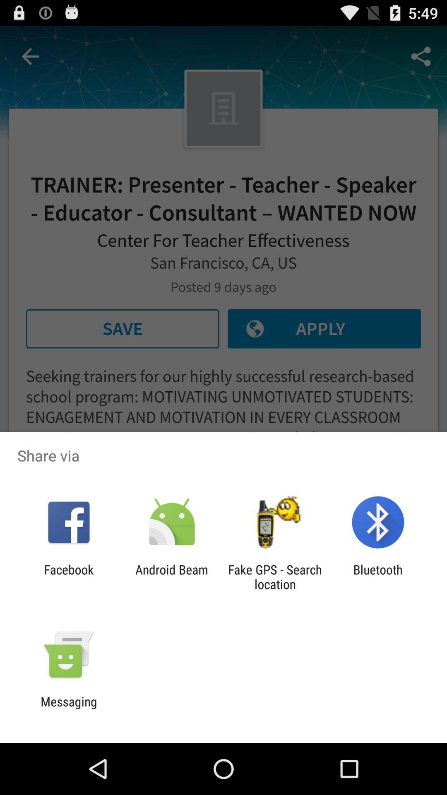  I want to click on item next to android beam app, so click(68, 576).